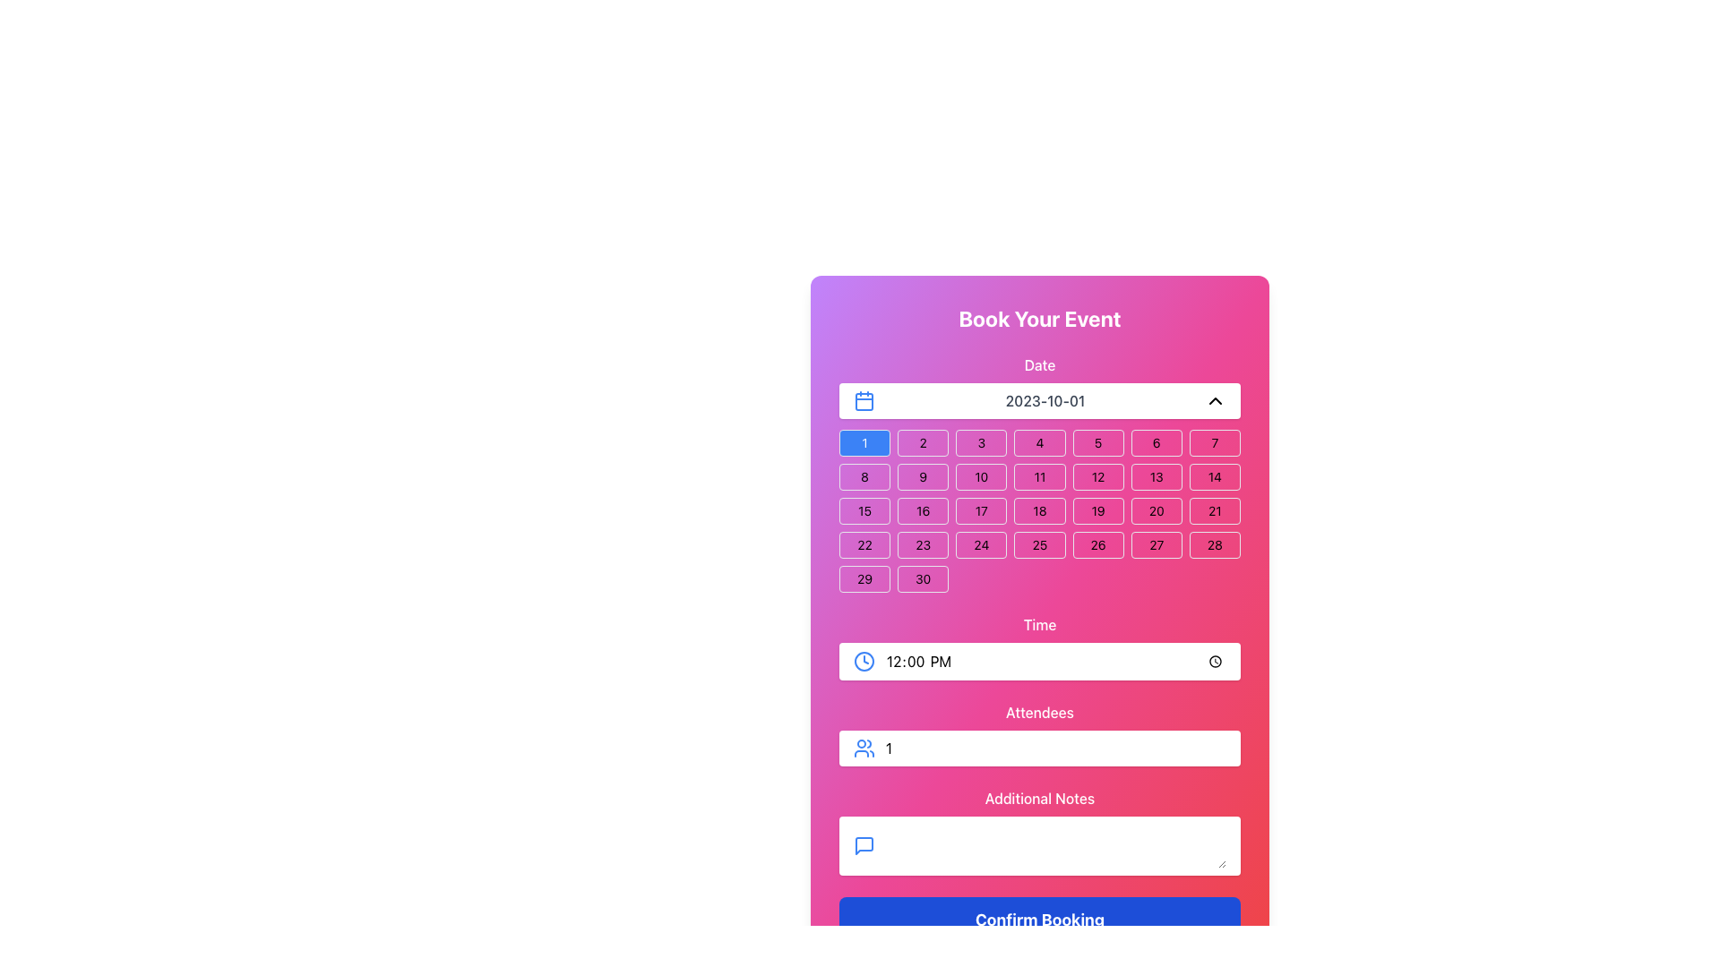 This screenshot has width=1720, height=967. Describe the element at coordinates (1215, 442) in the screenshot. I see `the button representing the date '7' in the calendar interface` at that location.